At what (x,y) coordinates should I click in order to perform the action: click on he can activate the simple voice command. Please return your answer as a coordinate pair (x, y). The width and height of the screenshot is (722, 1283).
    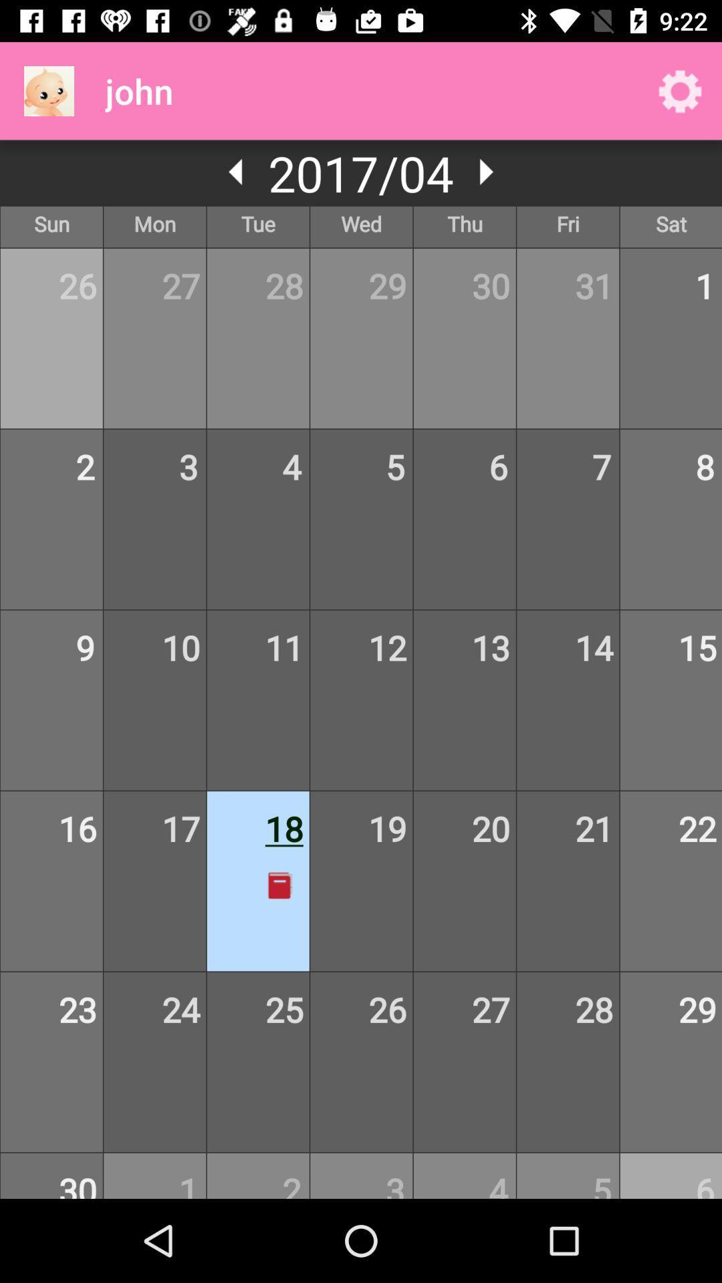
    Looking at the image, I should click on (236, 171).